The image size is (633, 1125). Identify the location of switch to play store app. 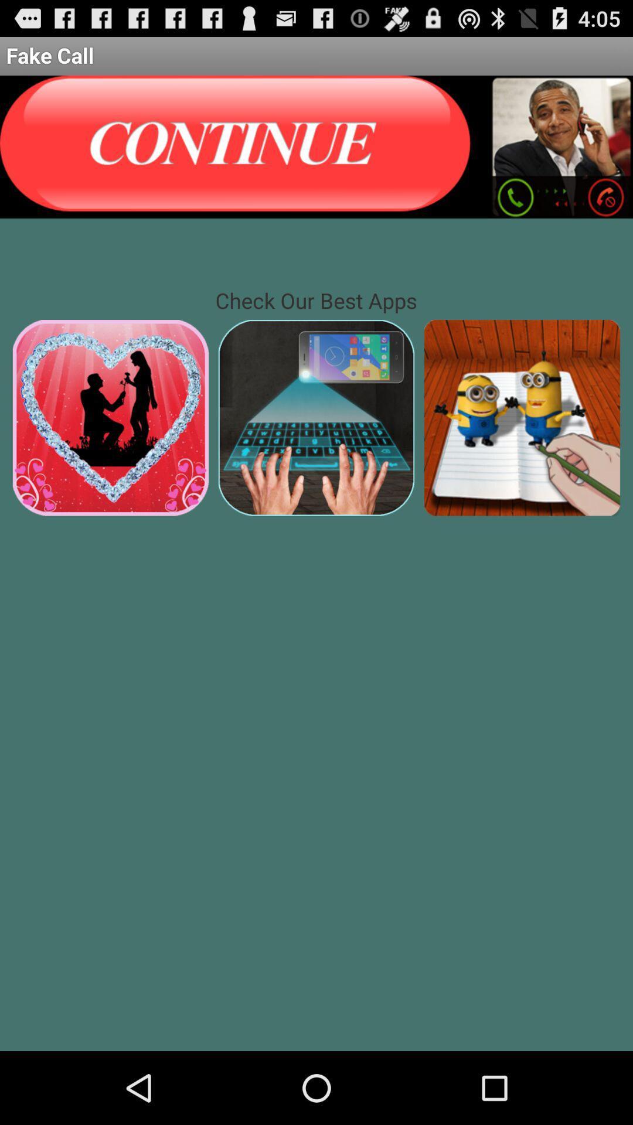
(316, 418).